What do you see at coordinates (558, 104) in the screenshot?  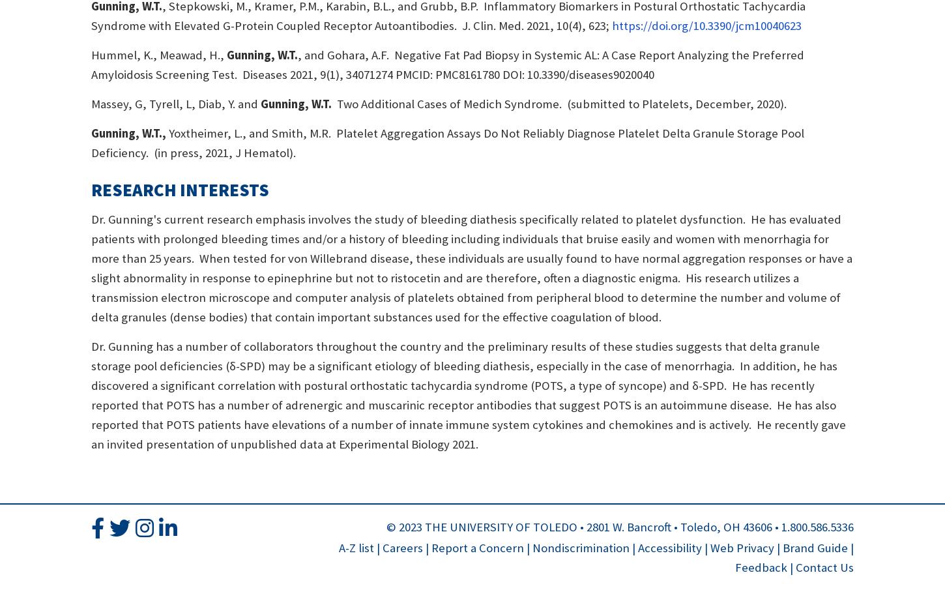 I see `'Two Additional Cases of Medich Syndrome.  (submitted to Platelets, December, 2020).'` at bounding box center [558, 104].